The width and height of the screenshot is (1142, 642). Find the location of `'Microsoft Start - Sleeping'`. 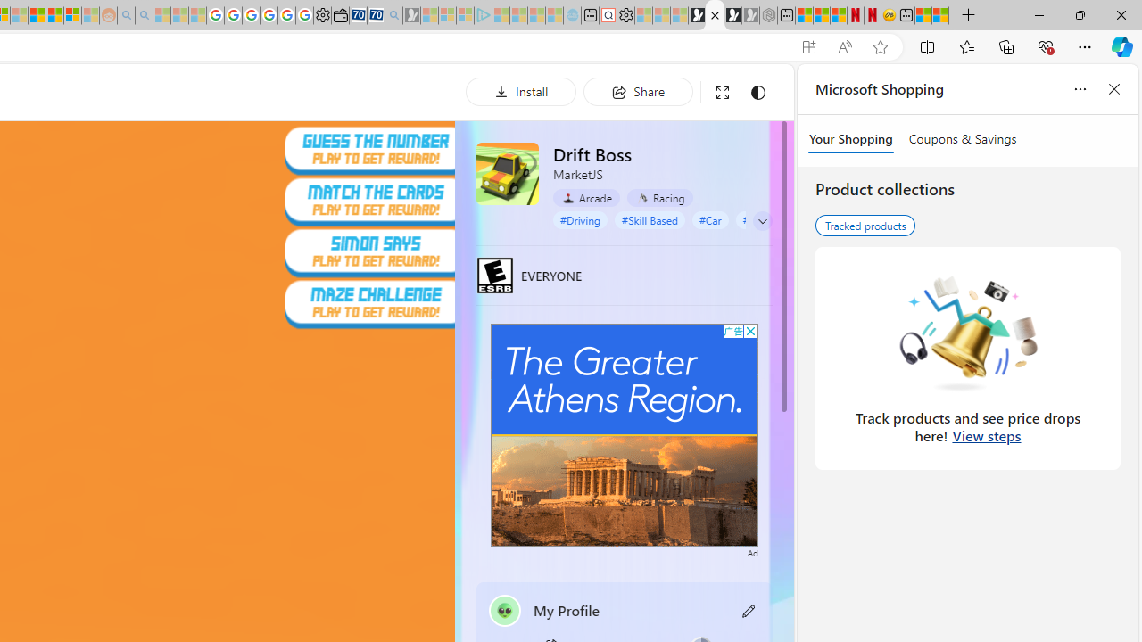

'Microsoft Start - Sleeping' is located at coordinates (534, 15).